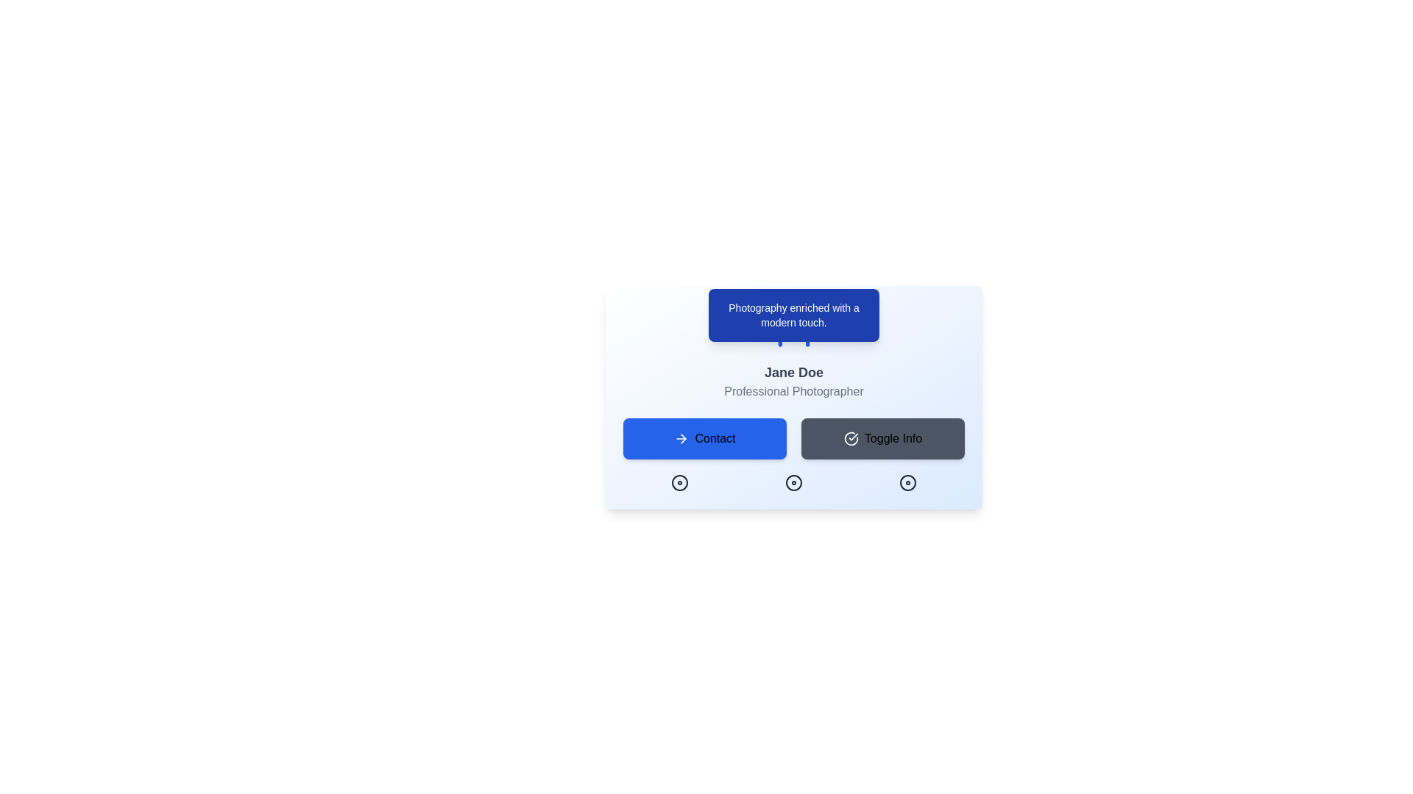  What do you see at coordinates (681, 438) in the screenshot?
I see `the rightward-pointing arrow icon inside the blue 'Contact' button, which indicates a directional prompt` at bounding box center [681, 438].